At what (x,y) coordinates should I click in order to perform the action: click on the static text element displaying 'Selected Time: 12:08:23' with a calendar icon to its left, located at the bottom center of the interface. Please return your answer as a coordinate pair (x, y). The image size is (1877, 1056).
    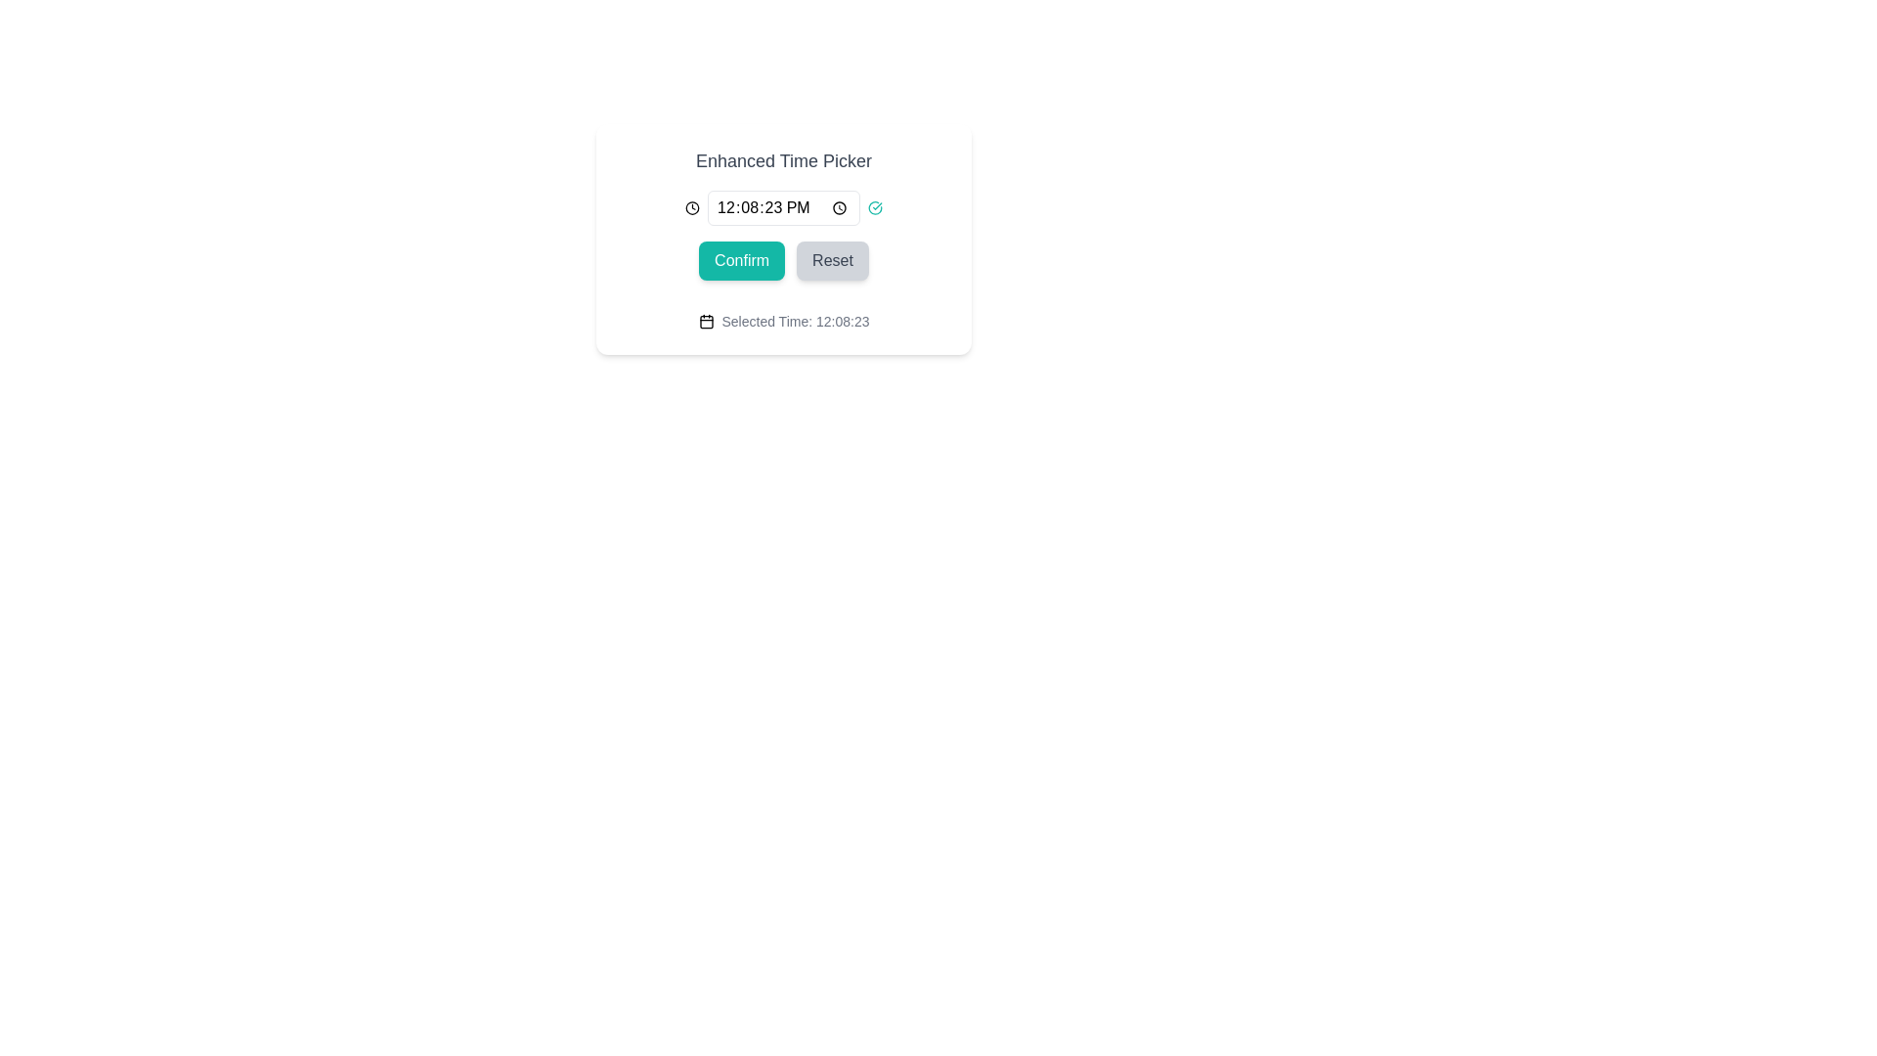
    Looking at the image, I should click on (783, 320).